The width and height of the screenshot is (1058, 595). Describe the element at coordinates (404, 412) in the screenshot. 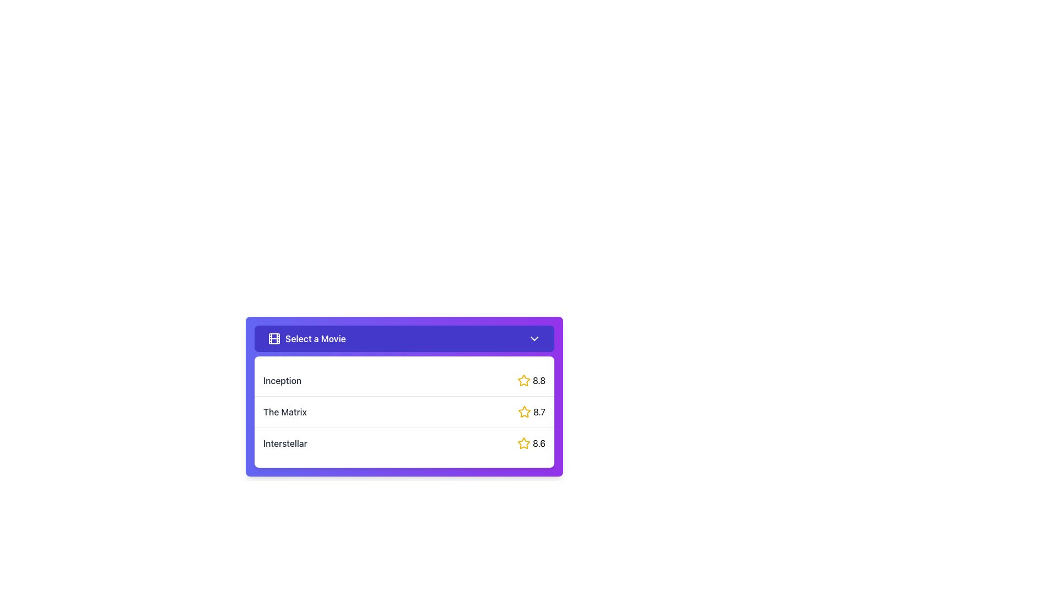

I see `the list item displaying the movie title 'The Matrix'` at that location.